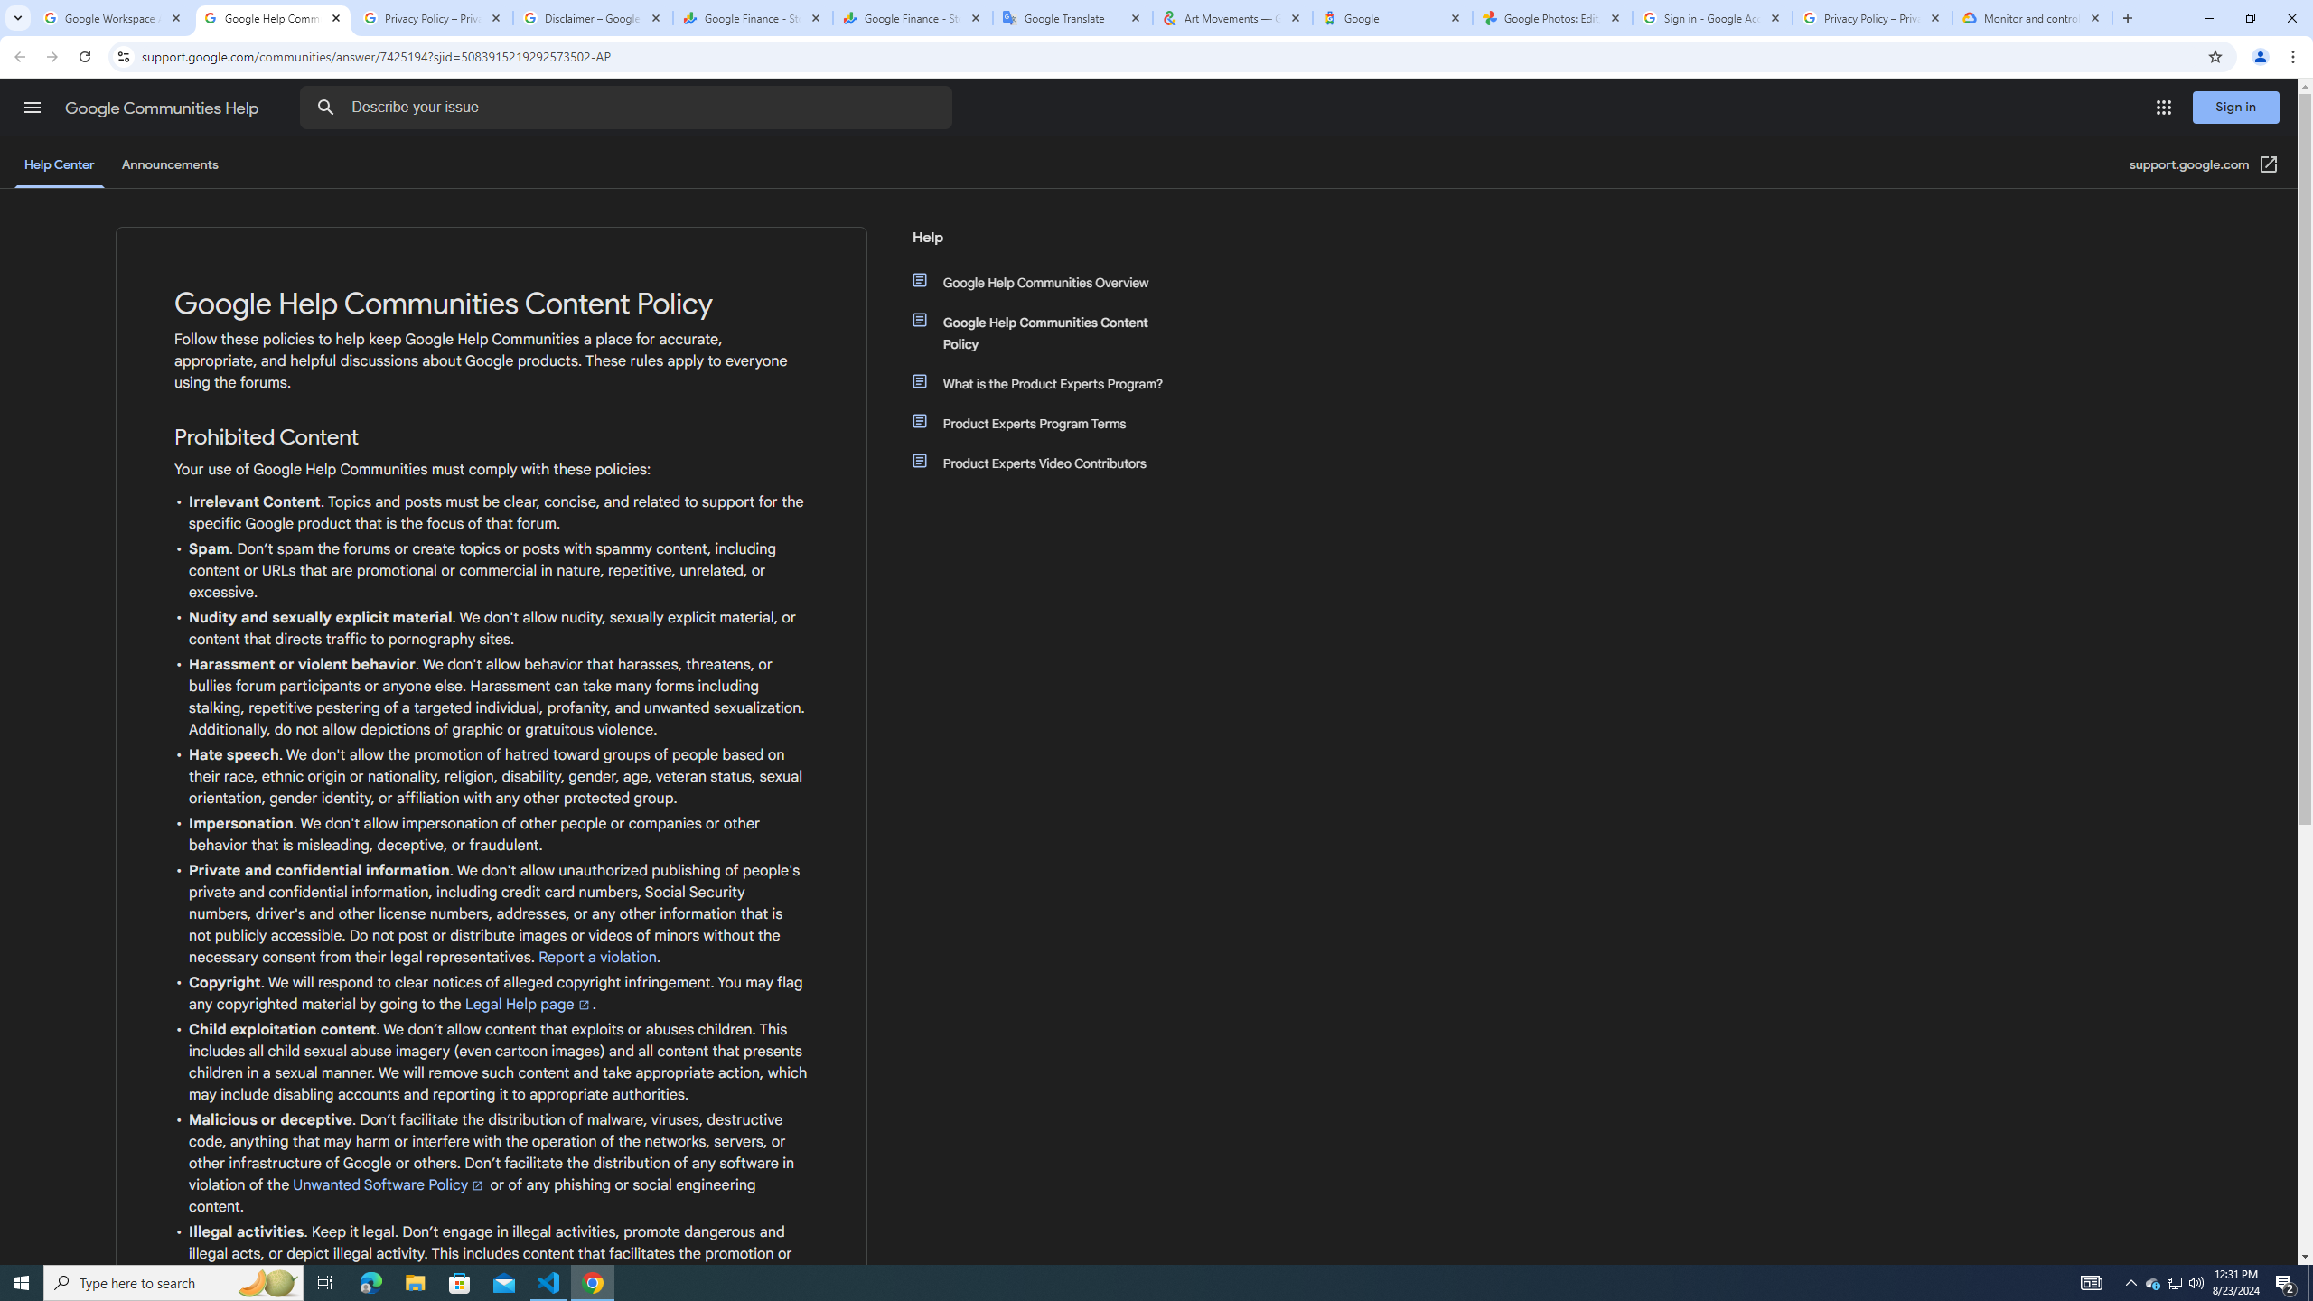 The image size is (2313, 1301). I want to click on 'Google Help Communities Content Policy', so click(1050, 332).